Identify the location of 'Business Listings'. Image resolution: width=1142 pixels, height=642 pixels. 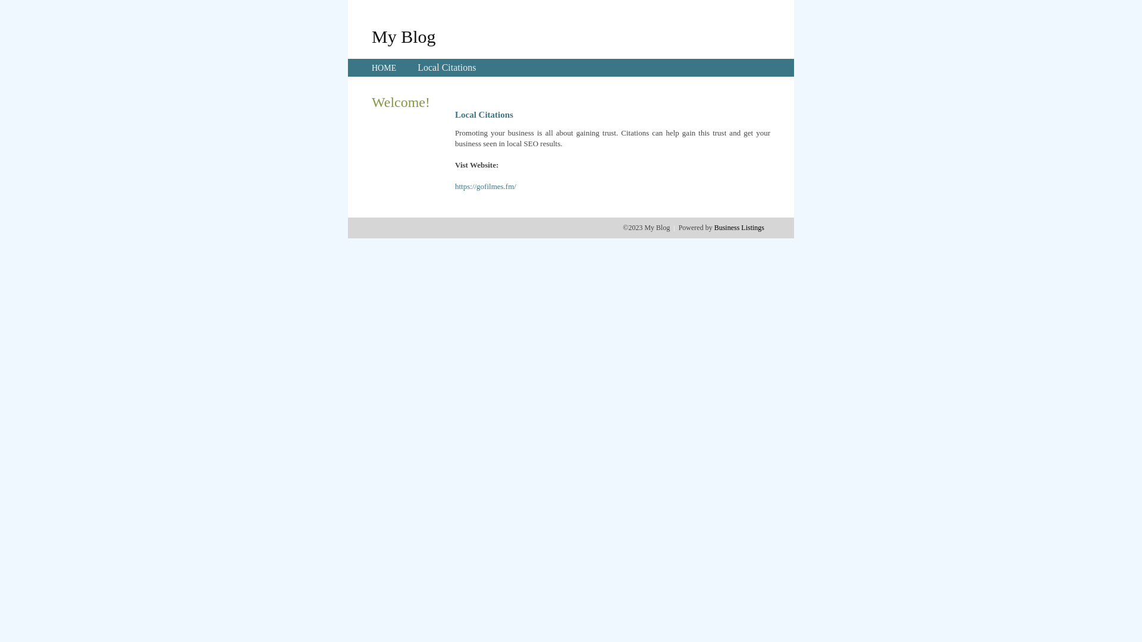
(739, 227).